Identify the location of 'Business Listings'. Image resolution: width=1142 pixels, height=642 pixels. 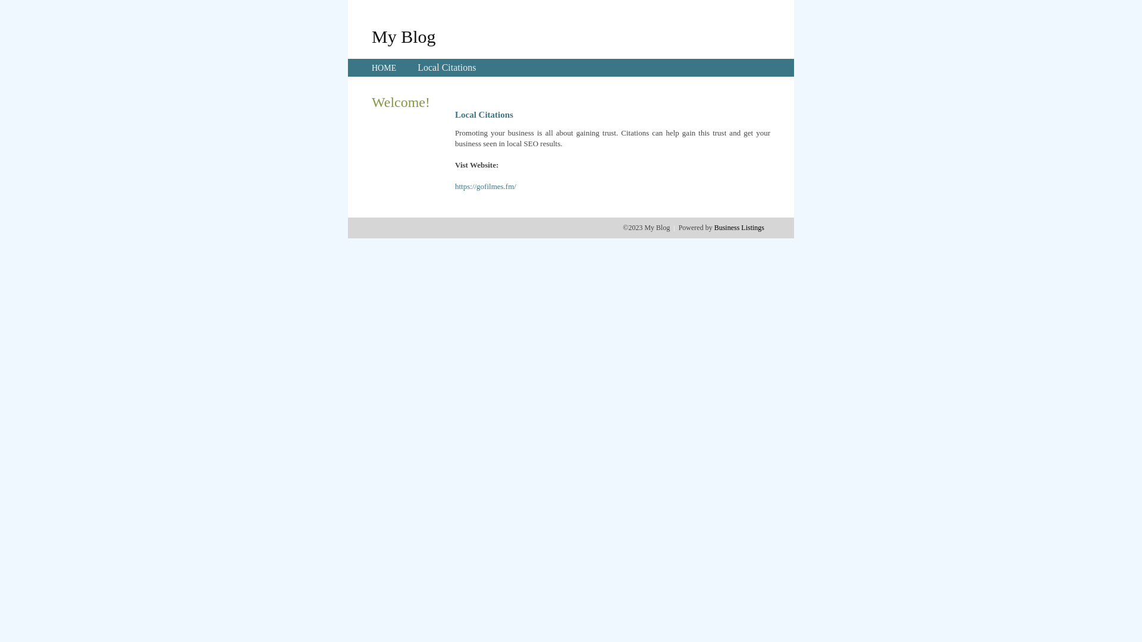
(739, 227).